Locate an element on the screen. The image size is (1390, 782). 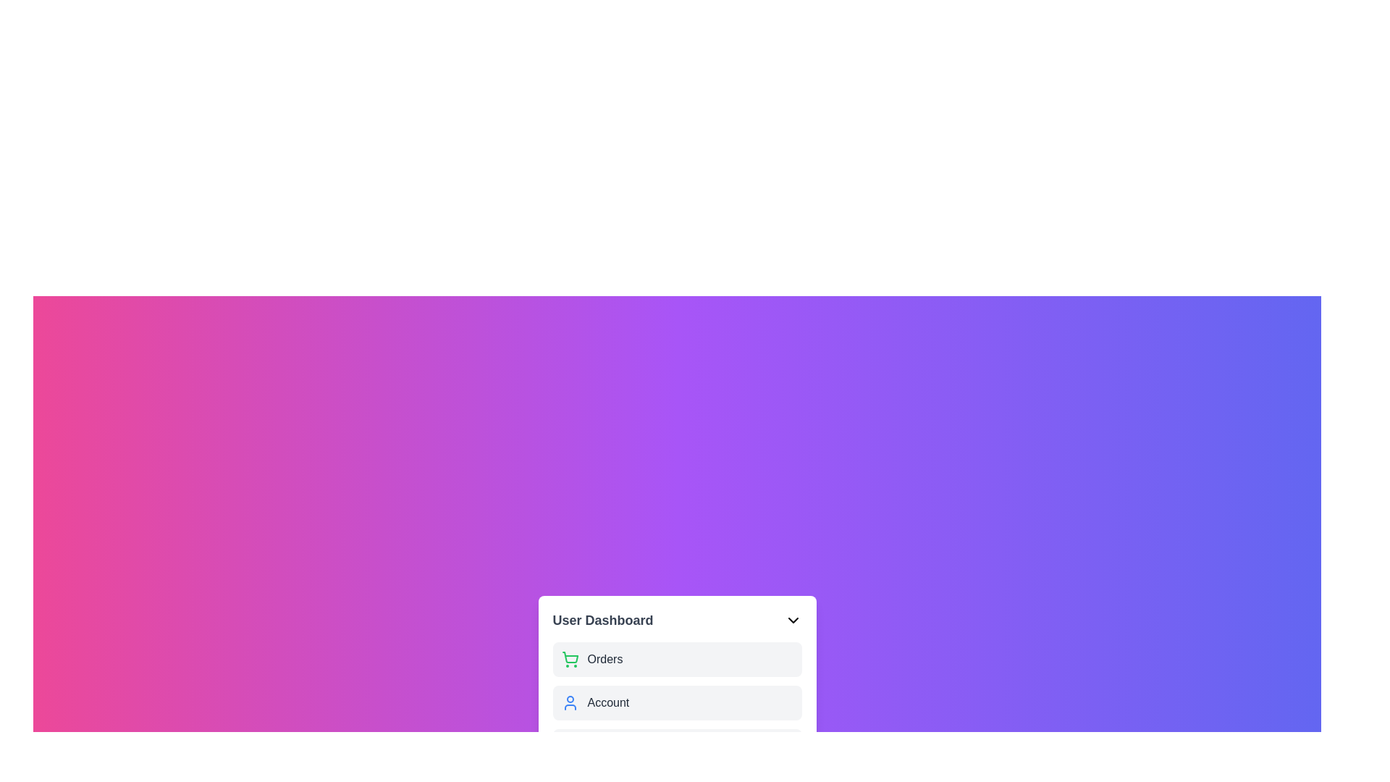
the 'Orders' option in the dropdown menu is located at coordinates (676, 659).